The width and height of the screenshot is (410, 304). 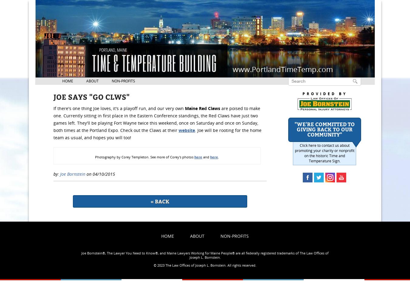 What do you see at coordinates (144, 157) in the screenshot?
I see `'Photography by Corey Templeton. See more of Corey's photos'` at bounding box center [144, 157].